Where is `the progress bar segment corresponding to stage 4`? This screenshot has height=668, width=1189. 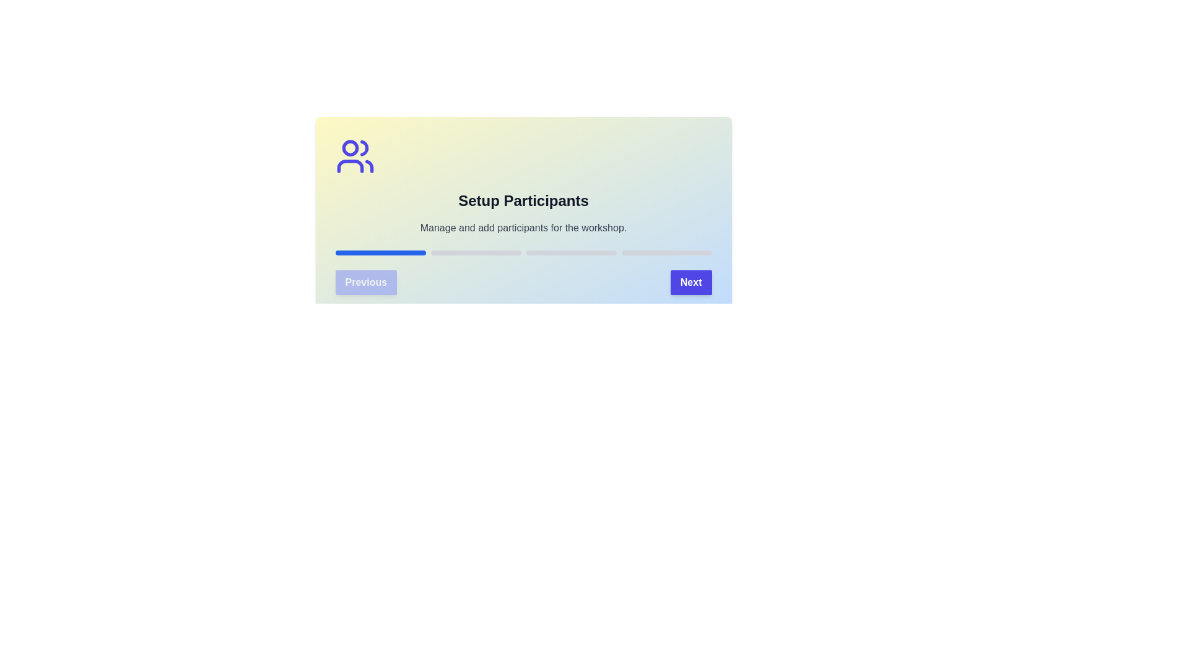 the progress bar segment corresponding to stage 4 is located at coordinates (666, 252).